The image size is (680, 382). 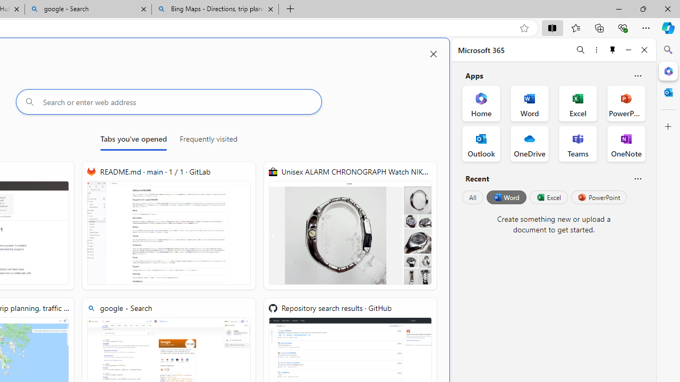 I want to click on 'Excel Office App', so click(x=577, y=103).